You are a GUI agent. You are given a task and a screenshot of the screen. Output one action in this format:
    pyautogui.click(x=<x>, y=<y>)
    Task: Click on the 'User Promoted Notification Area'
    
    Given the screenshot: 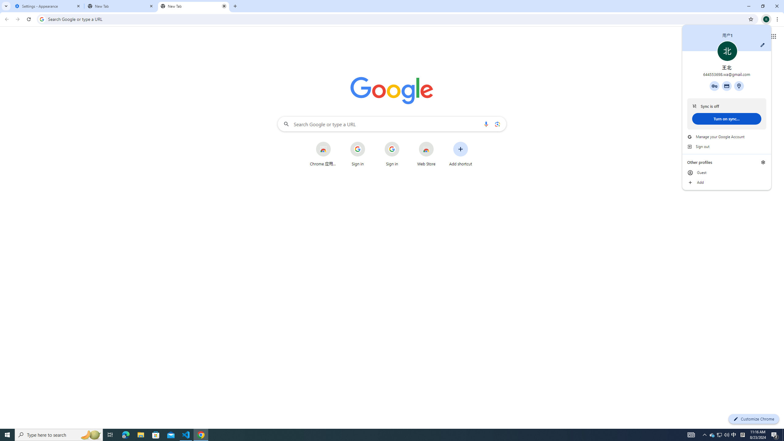 What is the action you would take?
    pyautogui.click(x=719, y=434)
    